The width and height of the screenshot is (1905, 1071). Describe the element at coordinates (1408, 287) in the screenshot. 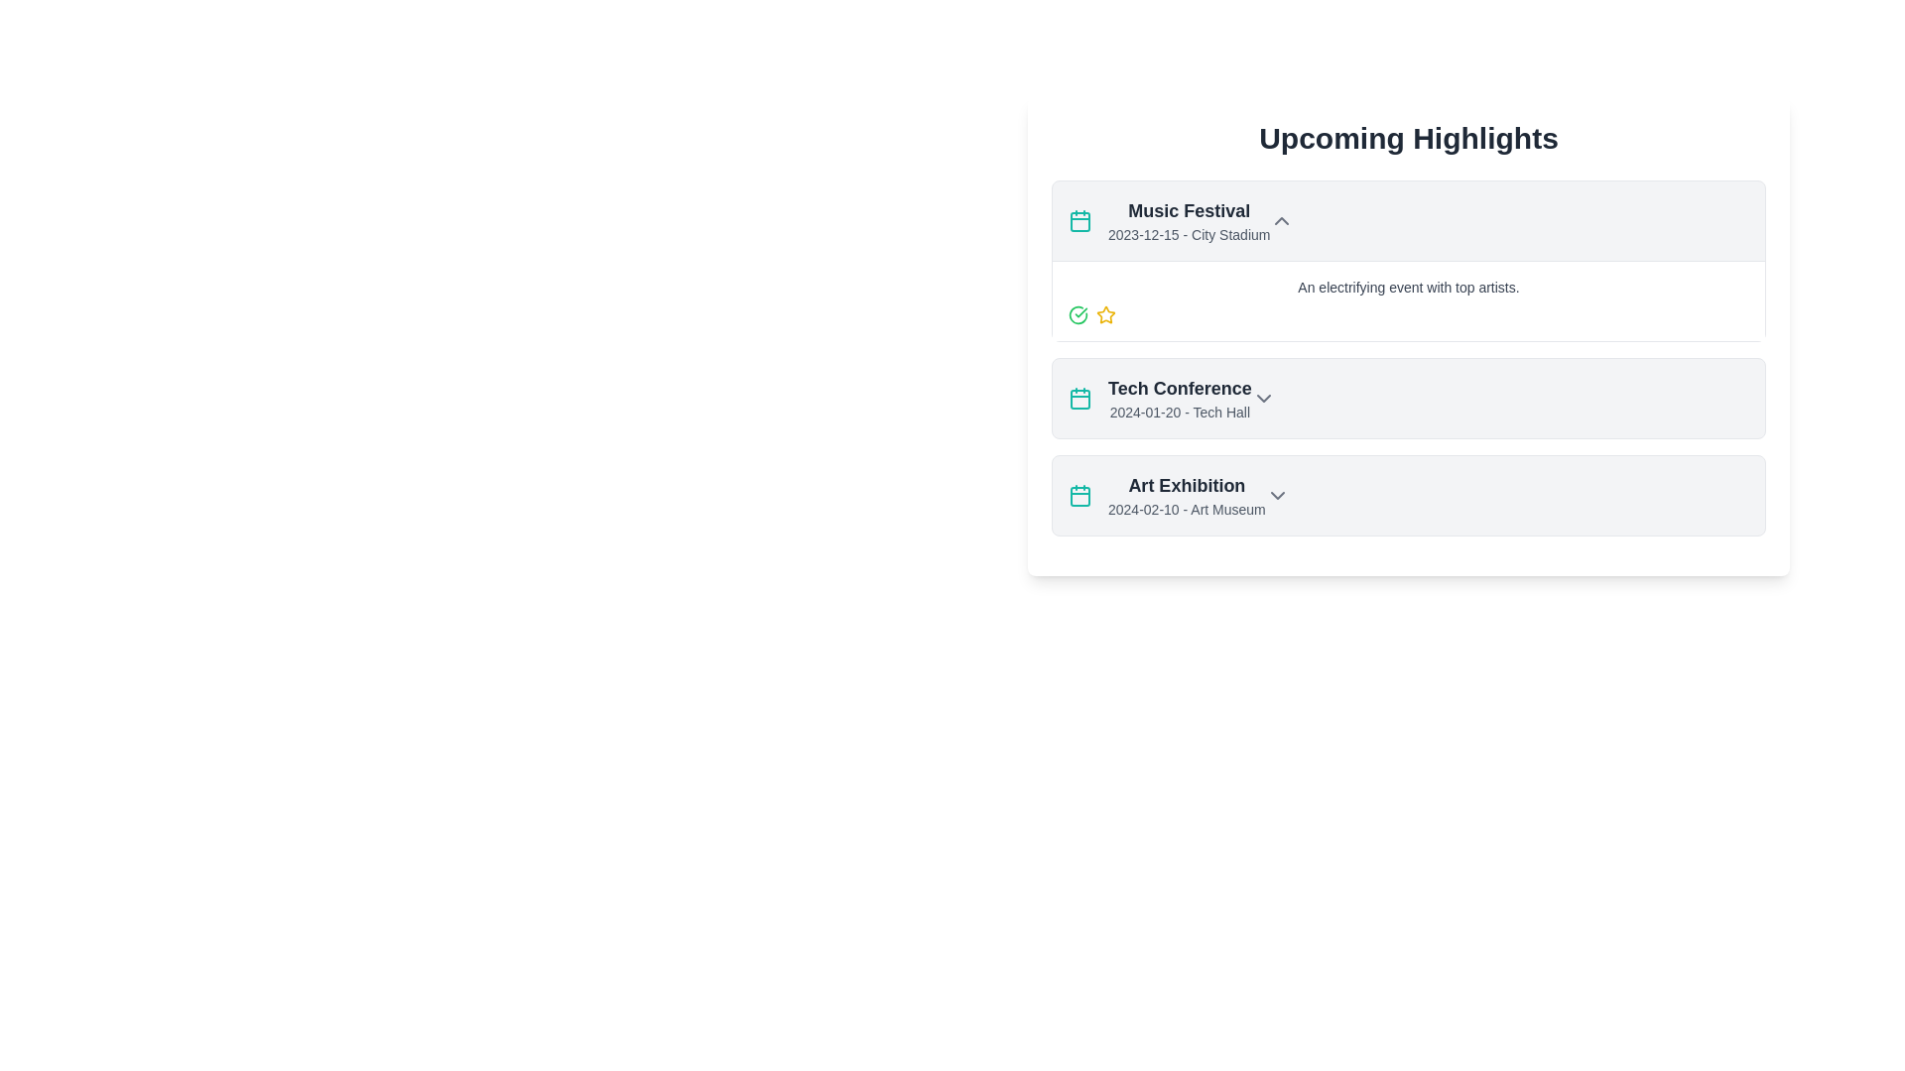

I see `the Text label that provides a brief description of the 'Music Festival' event, positioned beneath its title` at that location.